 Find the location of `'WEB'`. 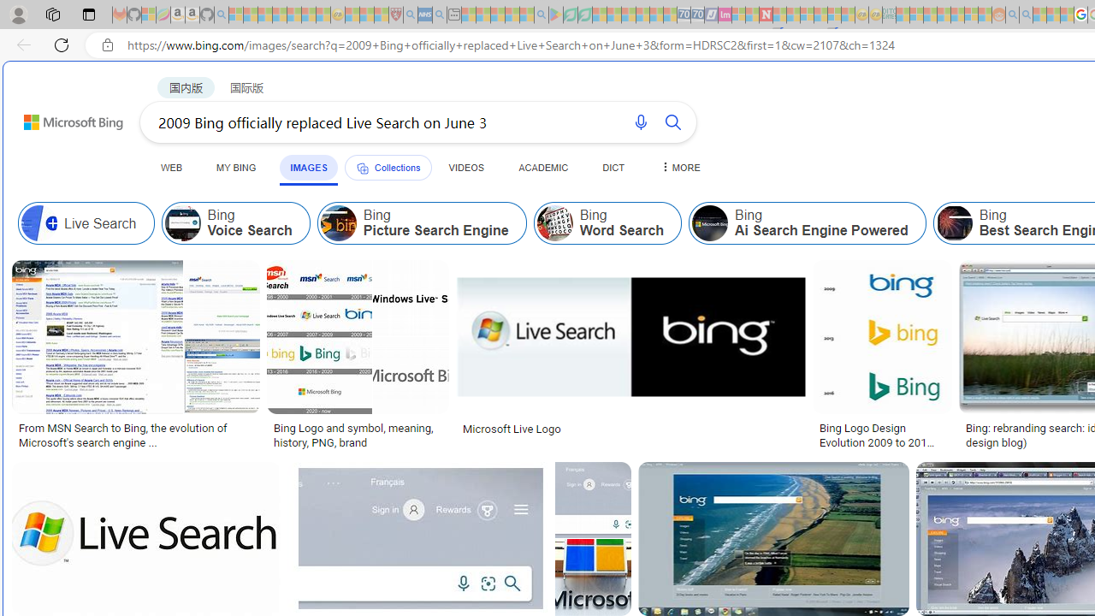

'WEB' is located at coordinates (172, 167).